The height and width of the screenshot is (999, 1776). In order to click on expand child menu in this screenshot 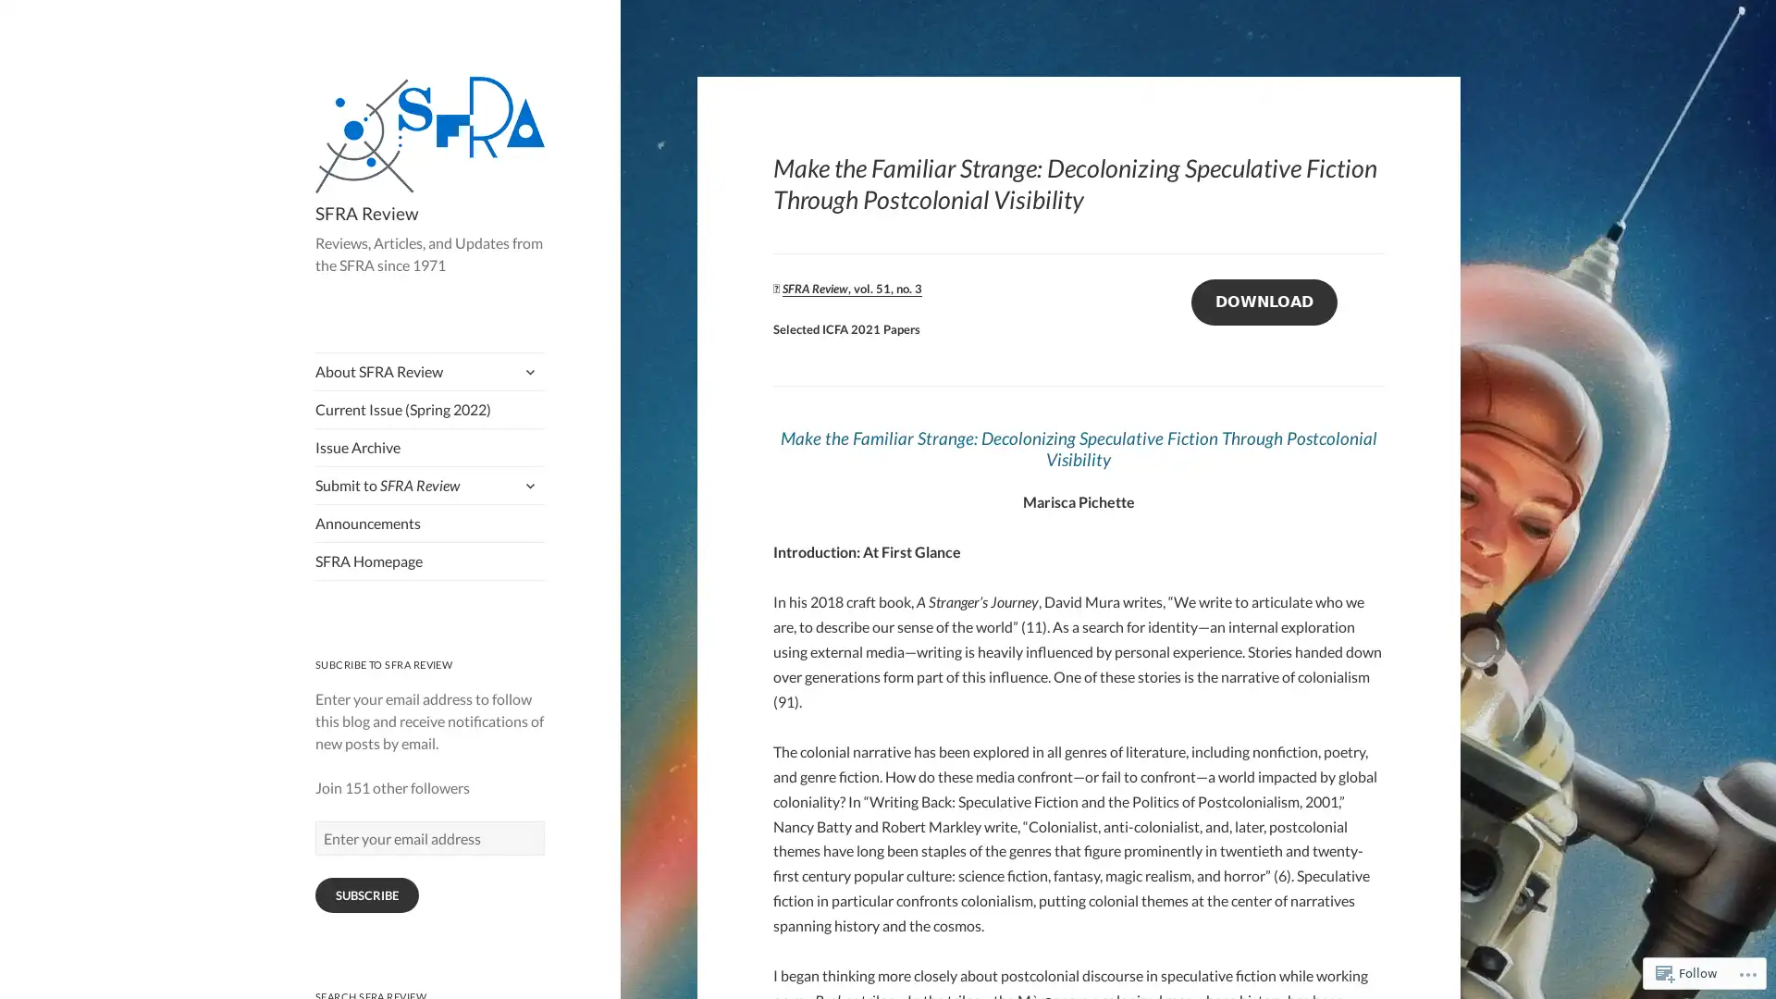, I will do `click(527, 371)`.